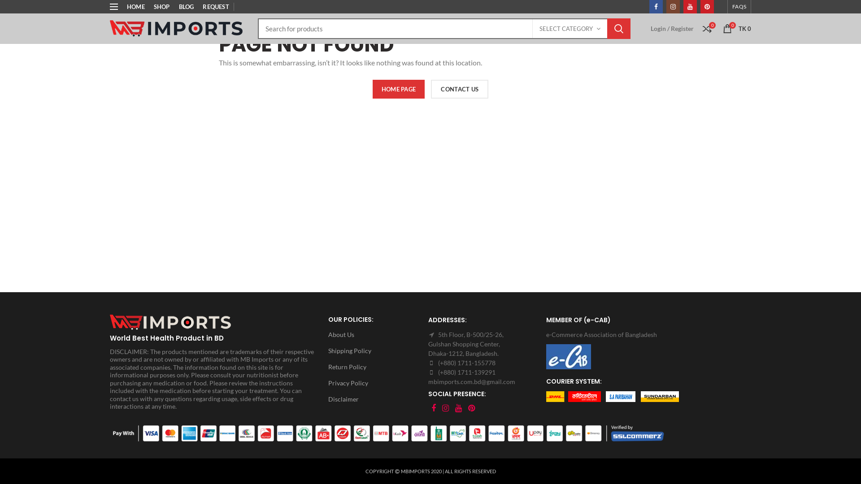 This screenshot has width=861, height=484. What do you see at coordinates (376, 367) in the screenshot?
I see `'Return Policy'` at bounding box center [376, 367].